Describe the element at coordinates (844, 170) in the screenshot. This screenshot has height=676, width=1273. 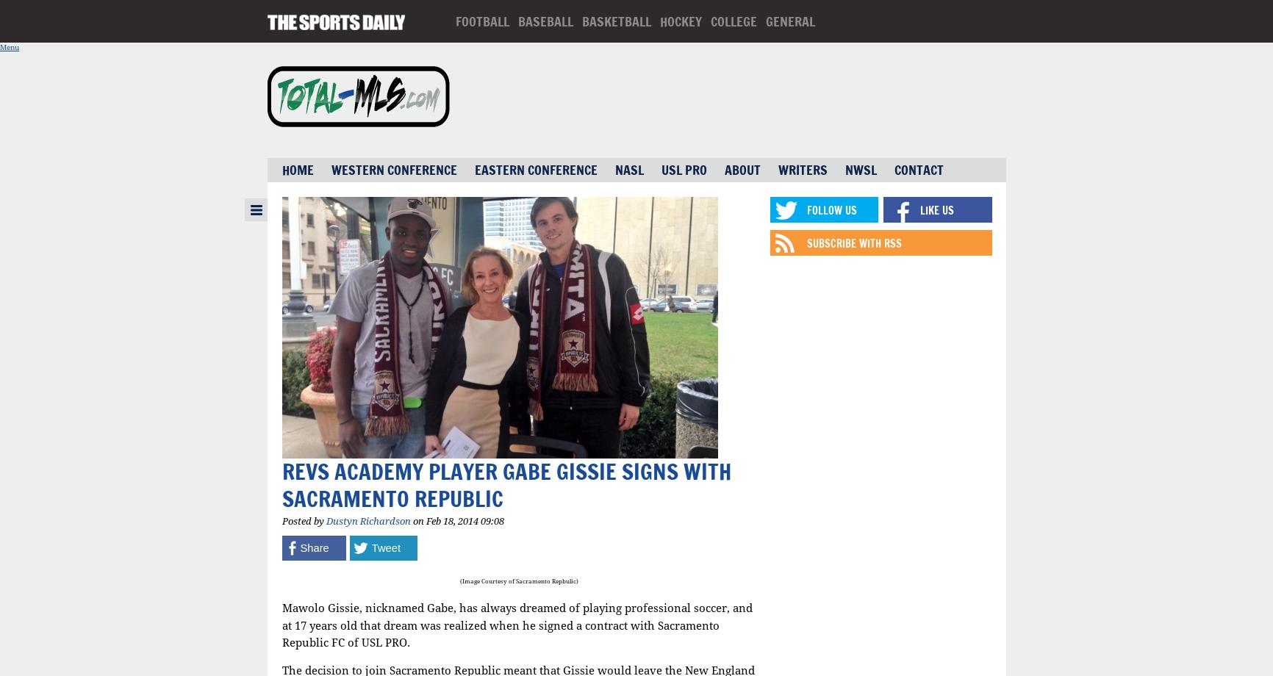
I see `'NWSL'` at that location.